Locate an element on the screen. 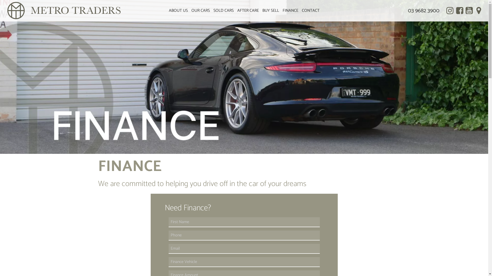 Image resolution: width=492 pixels, height=276 pixels. 'FINANCE' is located at coordinates (290, 11).